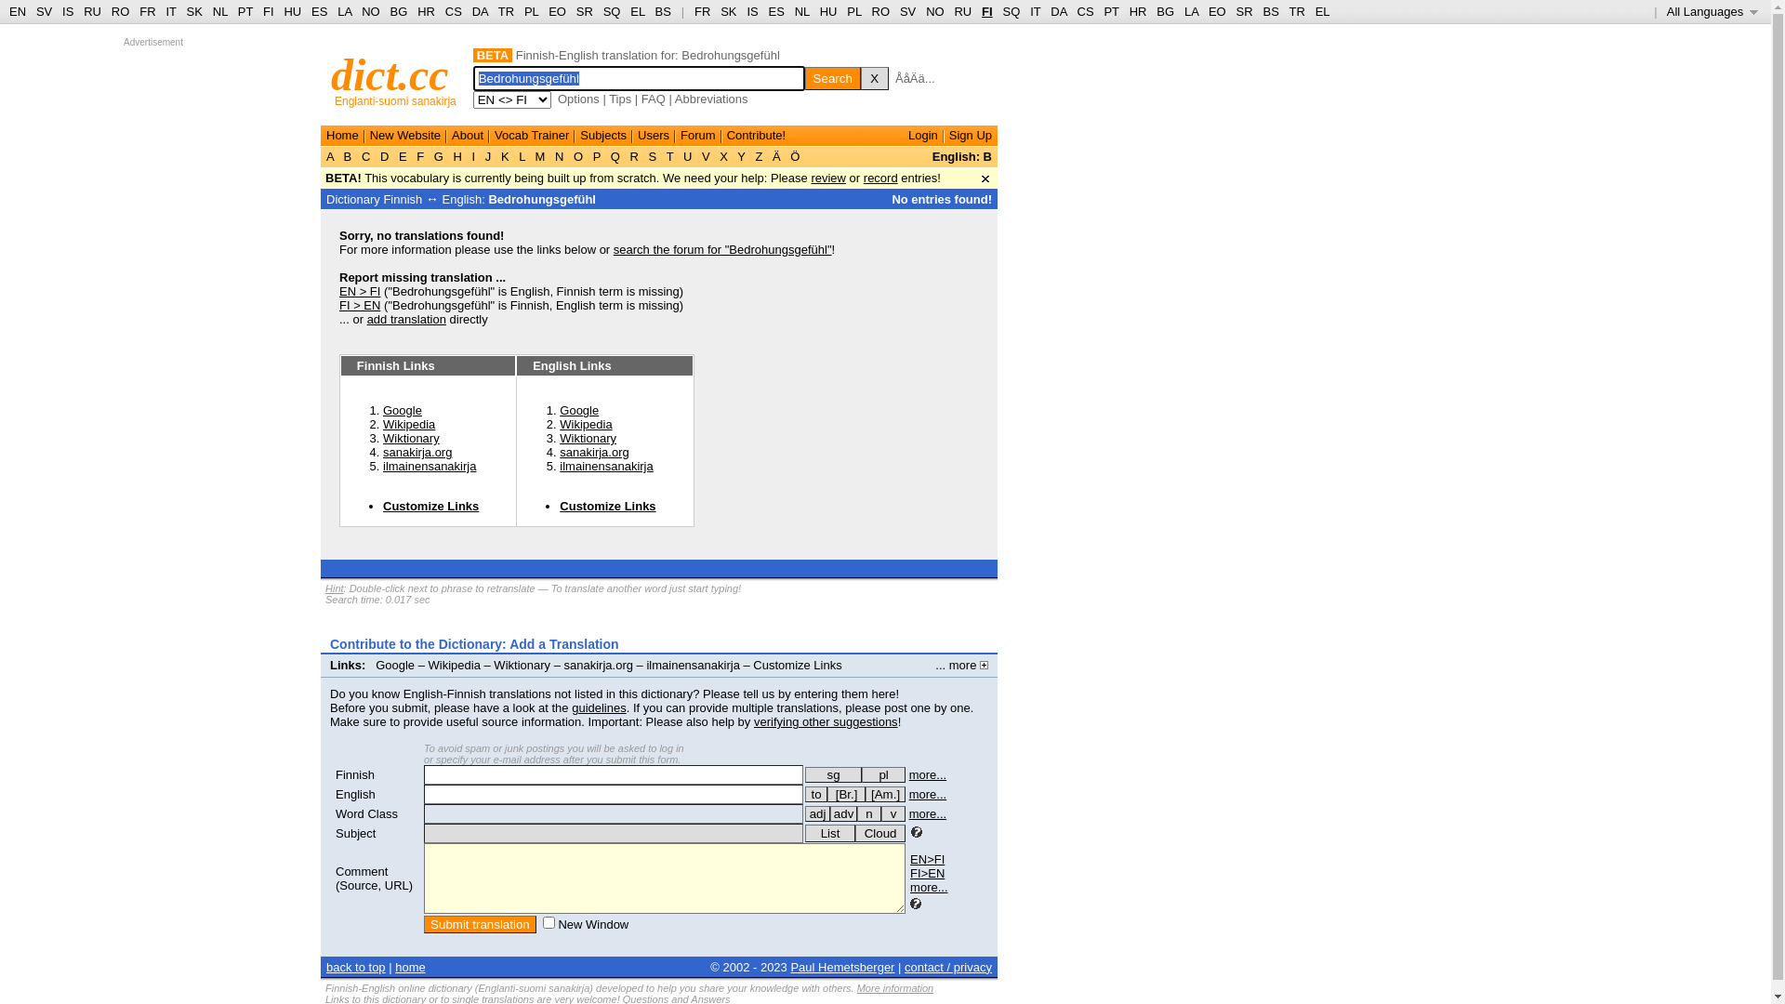  Describe the element at coordinates (663, 11) in the screenshot. I see `'BS'` at that location.